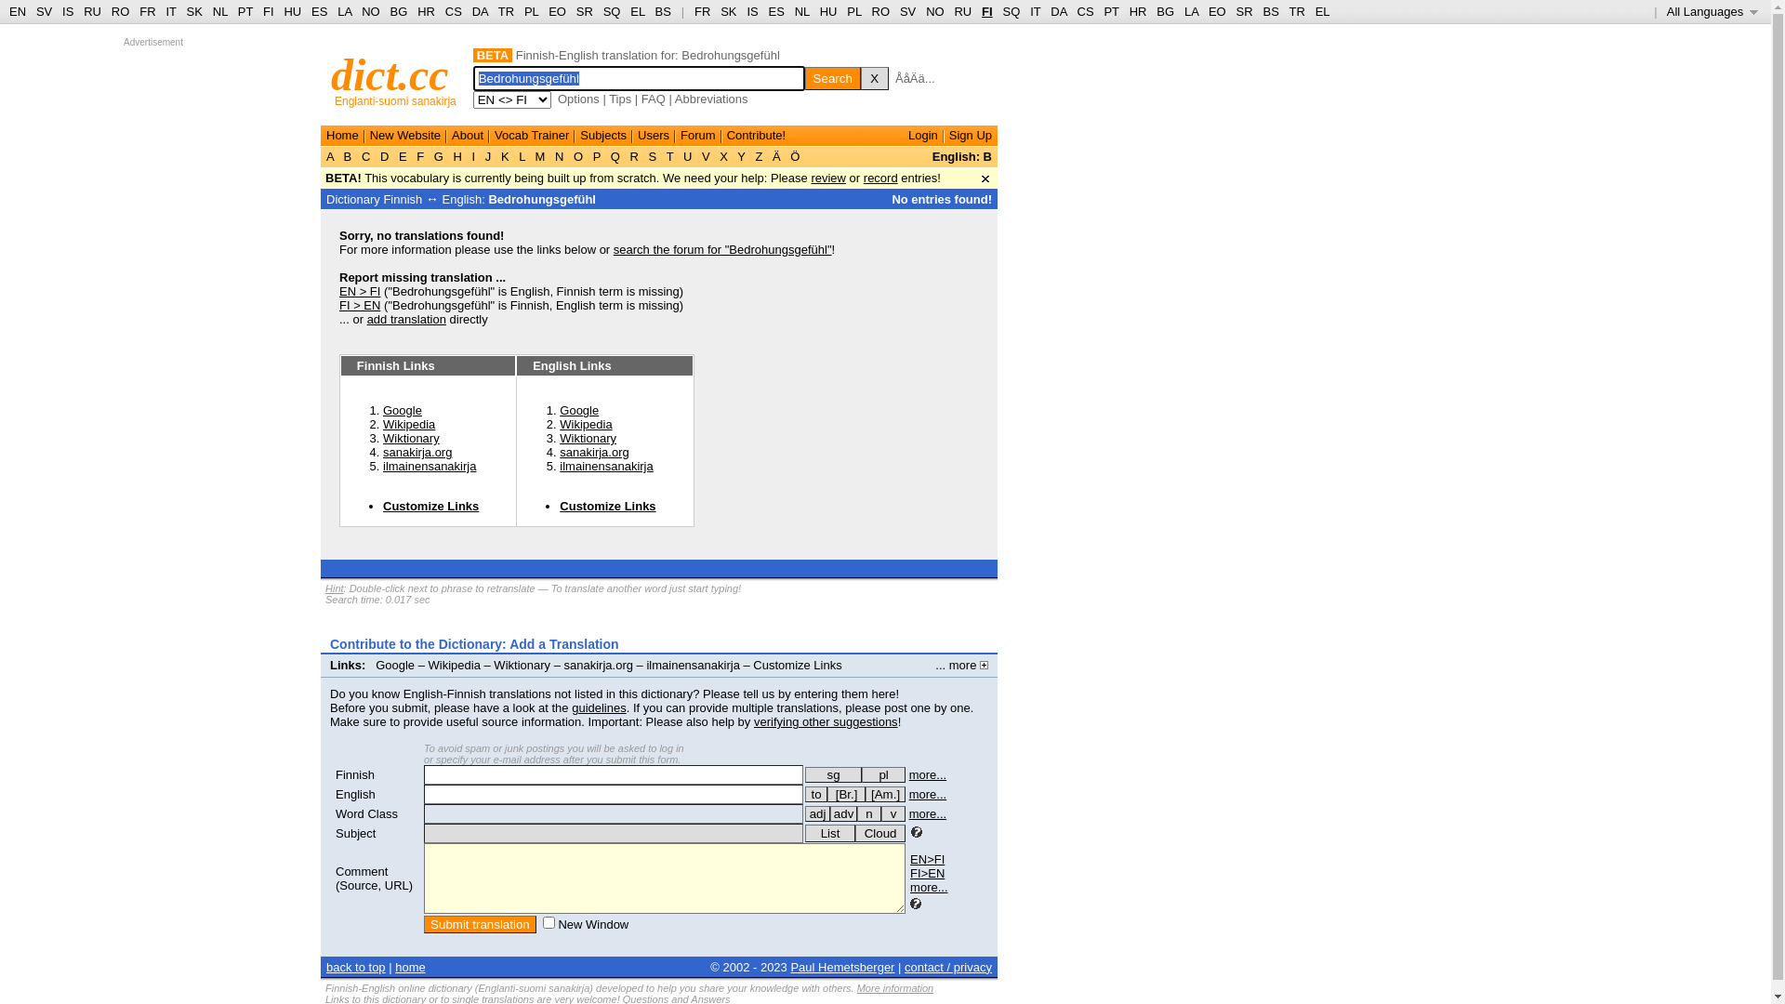  Describe the element at coordinates (663, 11) in the screenshot. I see `'BS'` at that location.